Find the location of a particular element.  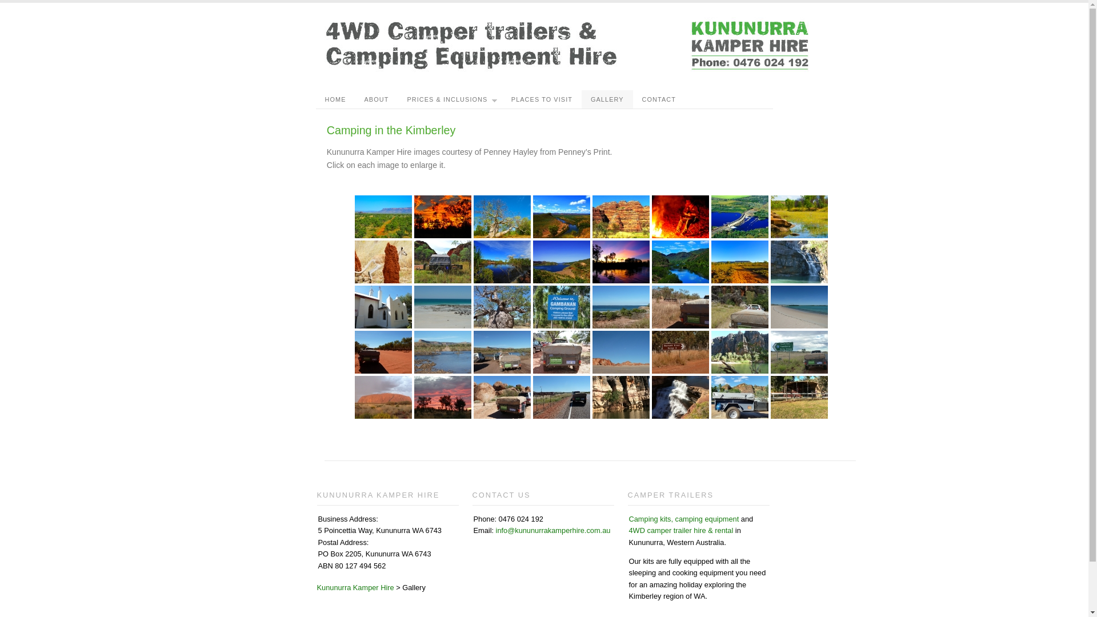

'Camping kits, camping equipment' is located at coordinates (683, 519).